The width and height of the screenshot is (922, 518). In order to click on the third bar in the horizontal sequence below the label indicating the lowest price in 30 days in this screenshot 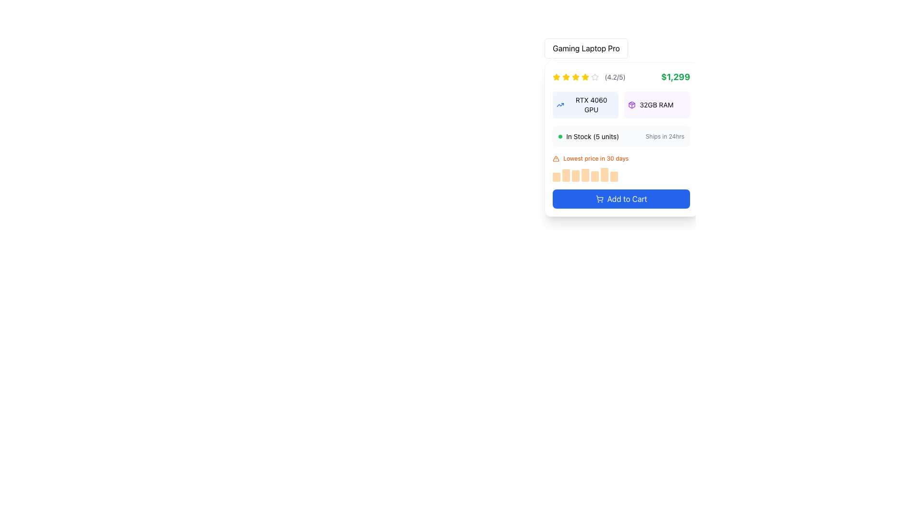, I will do `click(576, 176)`.